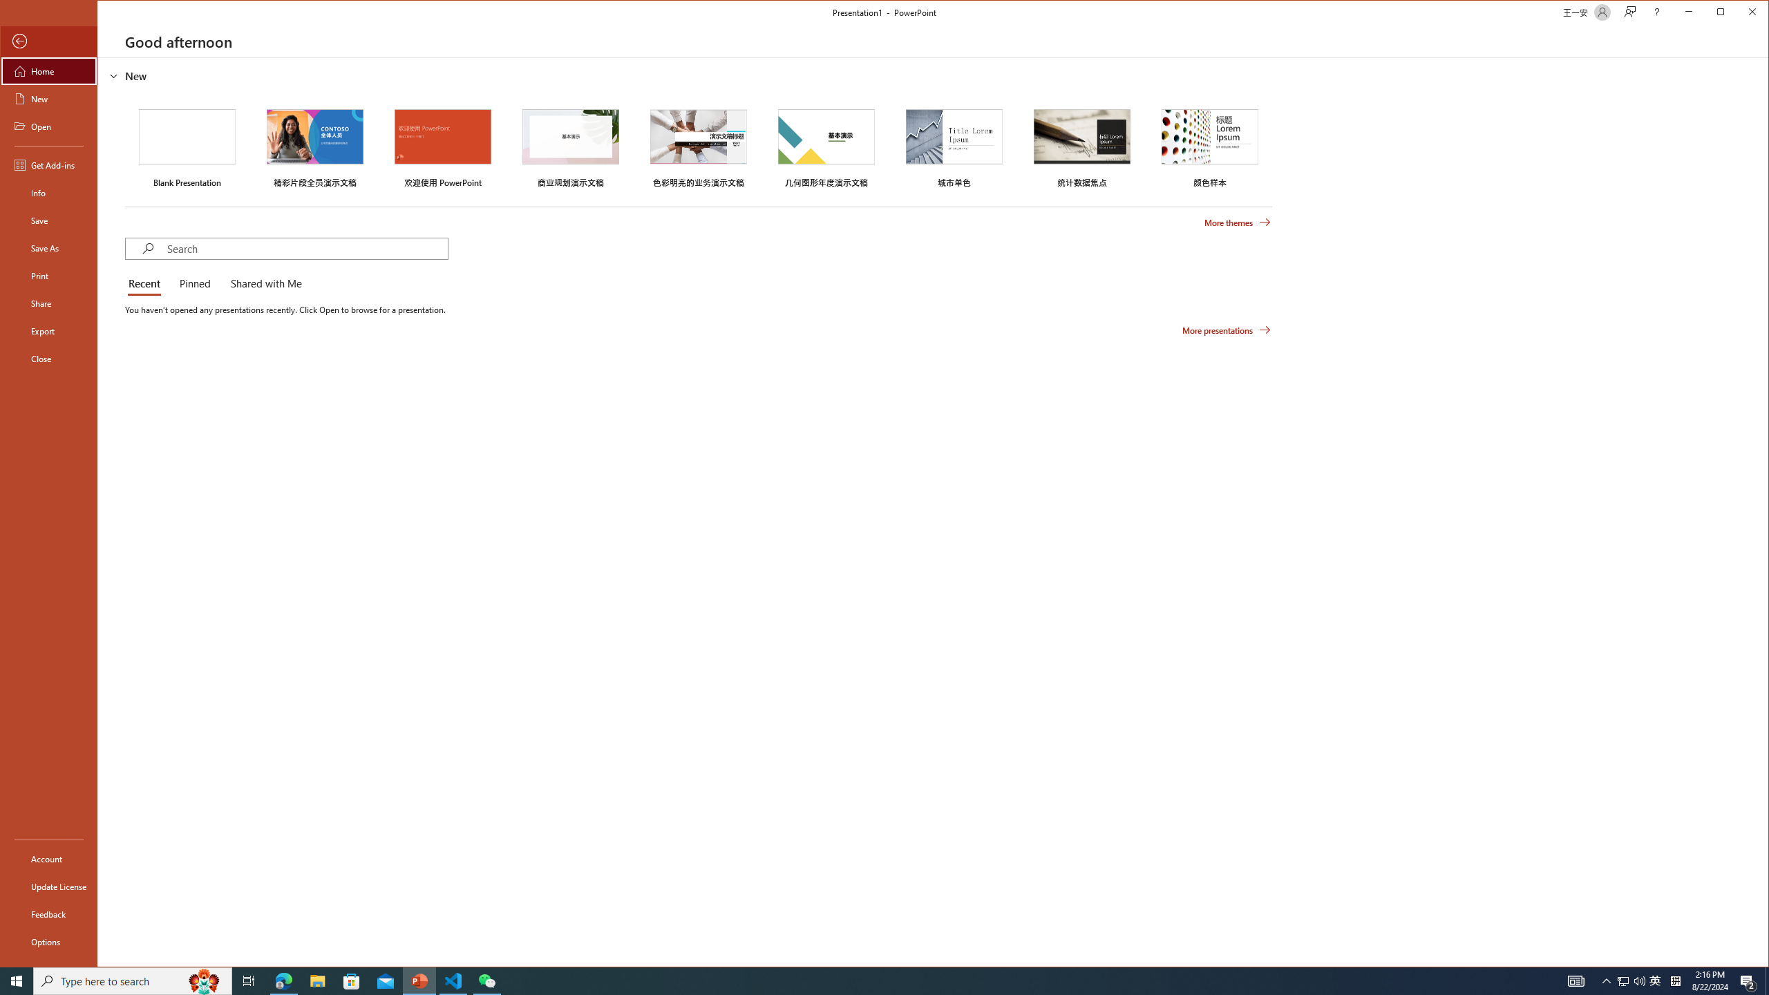 Image resolution: width=1769 pixels, height=995 pixels. What do you see at coordinates (1236, 222) in the screenshot?
I see `'More themes'` at bounding box center [1236, 222].